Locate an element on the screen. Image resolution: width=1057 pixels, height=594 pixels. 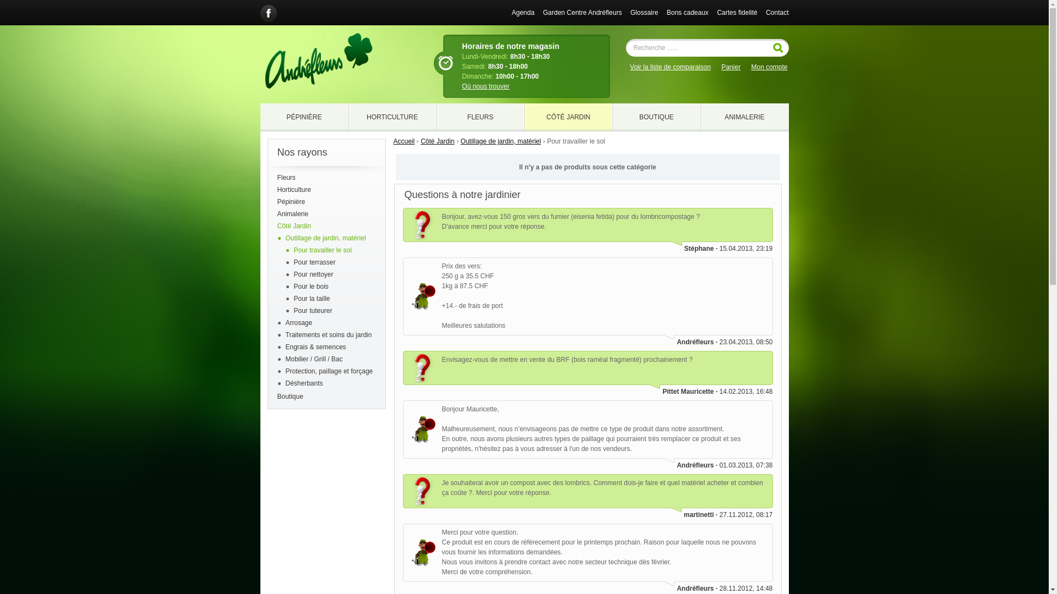
'Voir la liste de comparaison' is located at coordinates (669, 67).